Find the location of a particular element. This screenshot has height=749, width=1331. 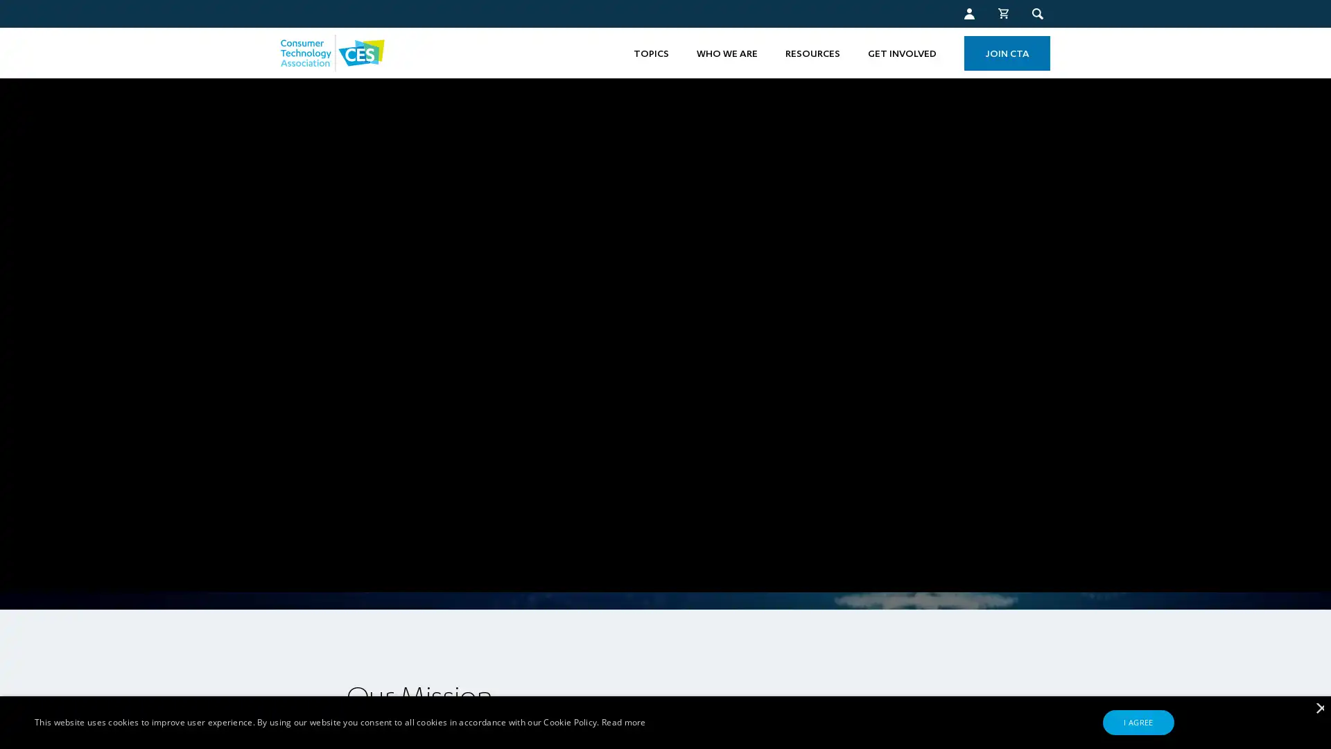

WHO WE ARE is located at coordinates (727, 52).